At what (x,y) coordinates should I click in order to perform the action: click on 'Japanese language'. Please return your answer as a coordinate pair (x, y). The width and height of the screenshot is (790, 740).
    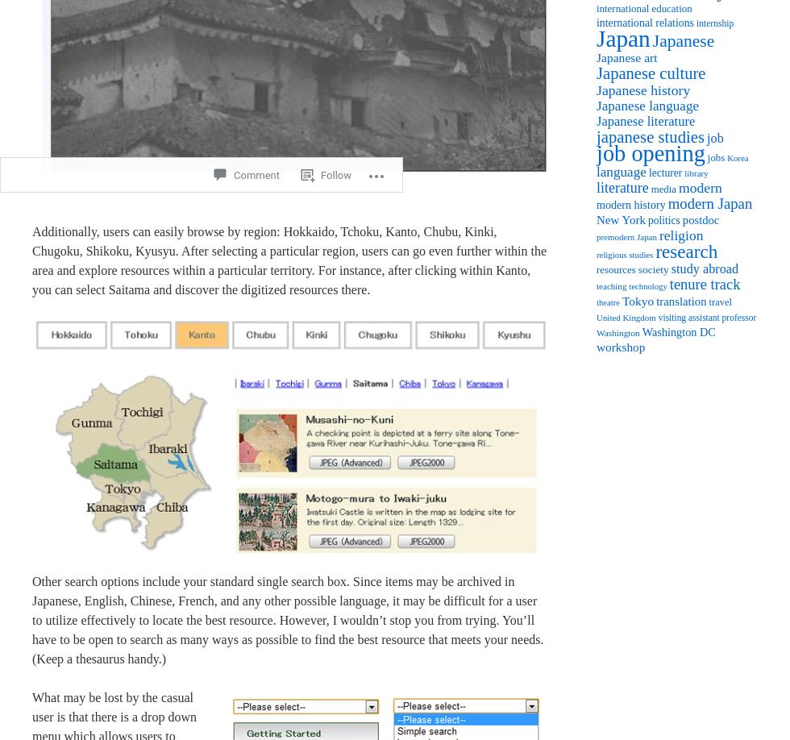
    Looking at the image, I should click on (647, 105).